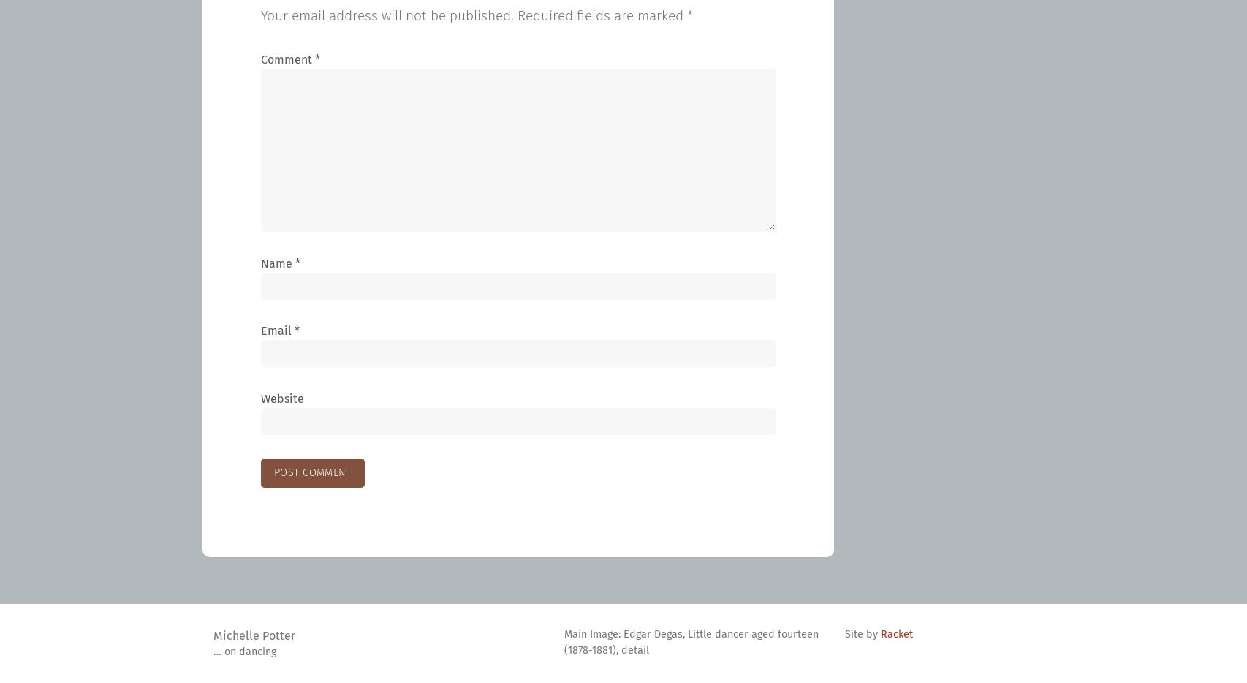 The height and width of the screenshot is (683, 1247). I want to click on 'Your email address will not be published.', so click(387, 15).